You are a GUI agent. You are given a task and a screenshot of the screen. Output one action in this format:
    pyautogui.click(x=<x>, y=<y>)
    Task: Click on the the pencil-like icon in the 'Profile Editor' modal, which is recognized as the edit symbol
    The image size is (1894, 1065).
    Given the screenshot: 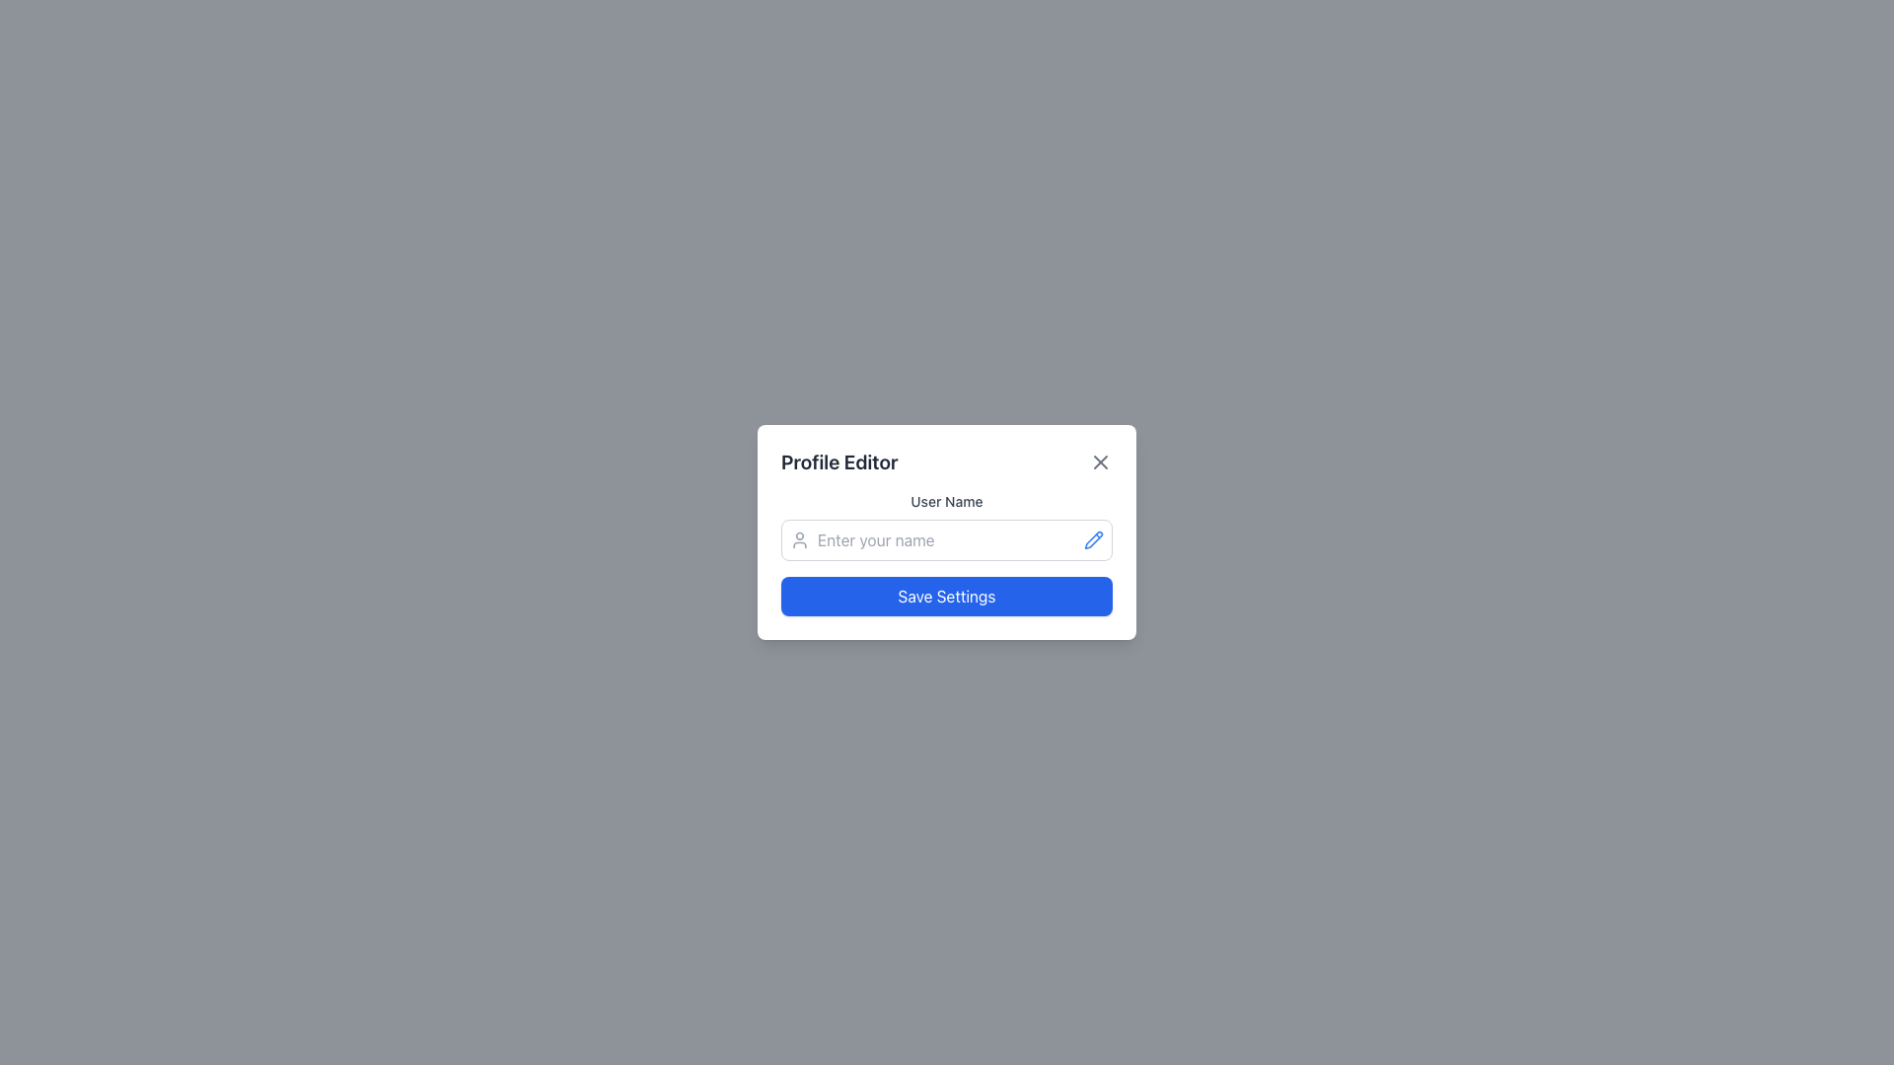 What is the action you would take?
    pyautogui.click(x=1092, y=539)
    